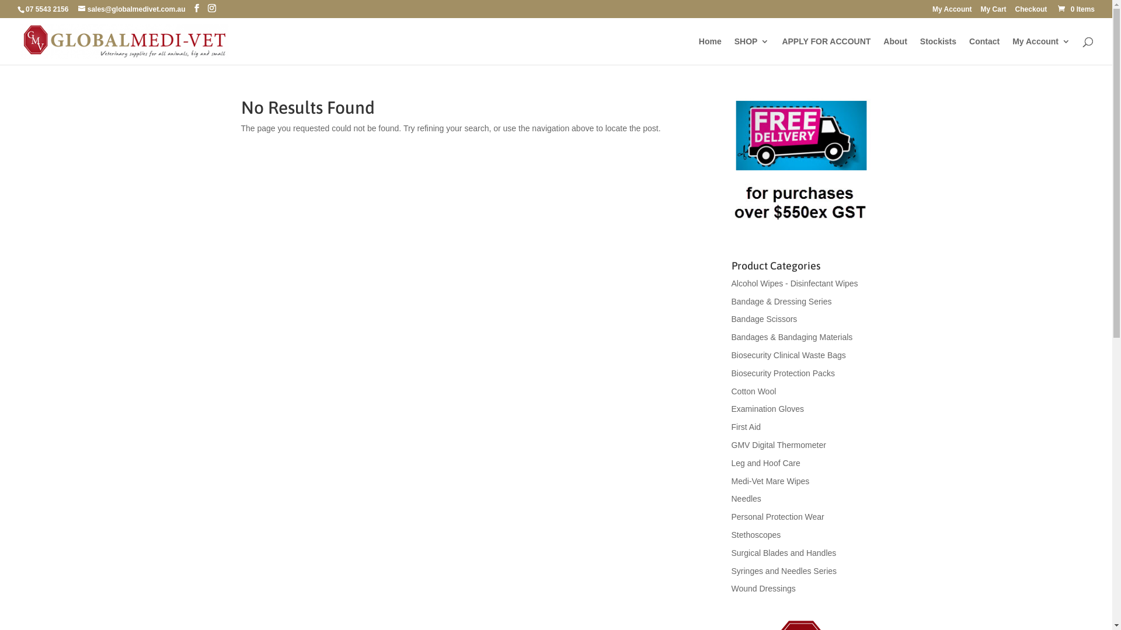 Image resolution: width=1121 pixels, height=630 pixels. What do you see at coordinates (938, 50) in the screenshot?
I see `'Stockists'` at bounding box center [938, 50].